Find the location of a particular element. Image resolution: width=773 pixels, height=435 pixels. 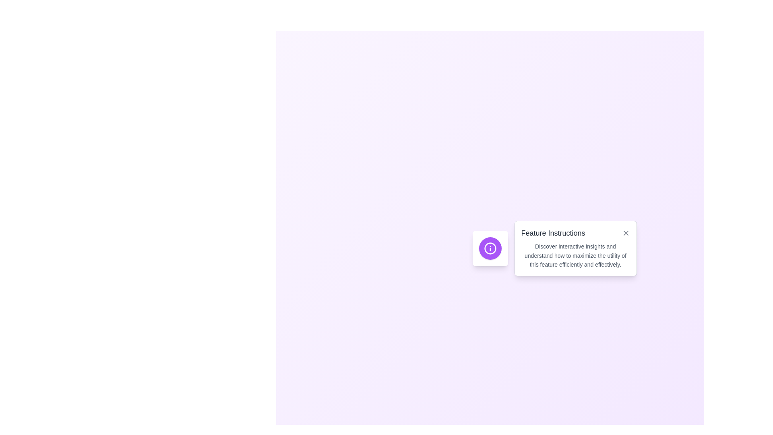

the close button located at the top-right corner of the 'Feature Instructions' card is located at coordinates (625, 233).